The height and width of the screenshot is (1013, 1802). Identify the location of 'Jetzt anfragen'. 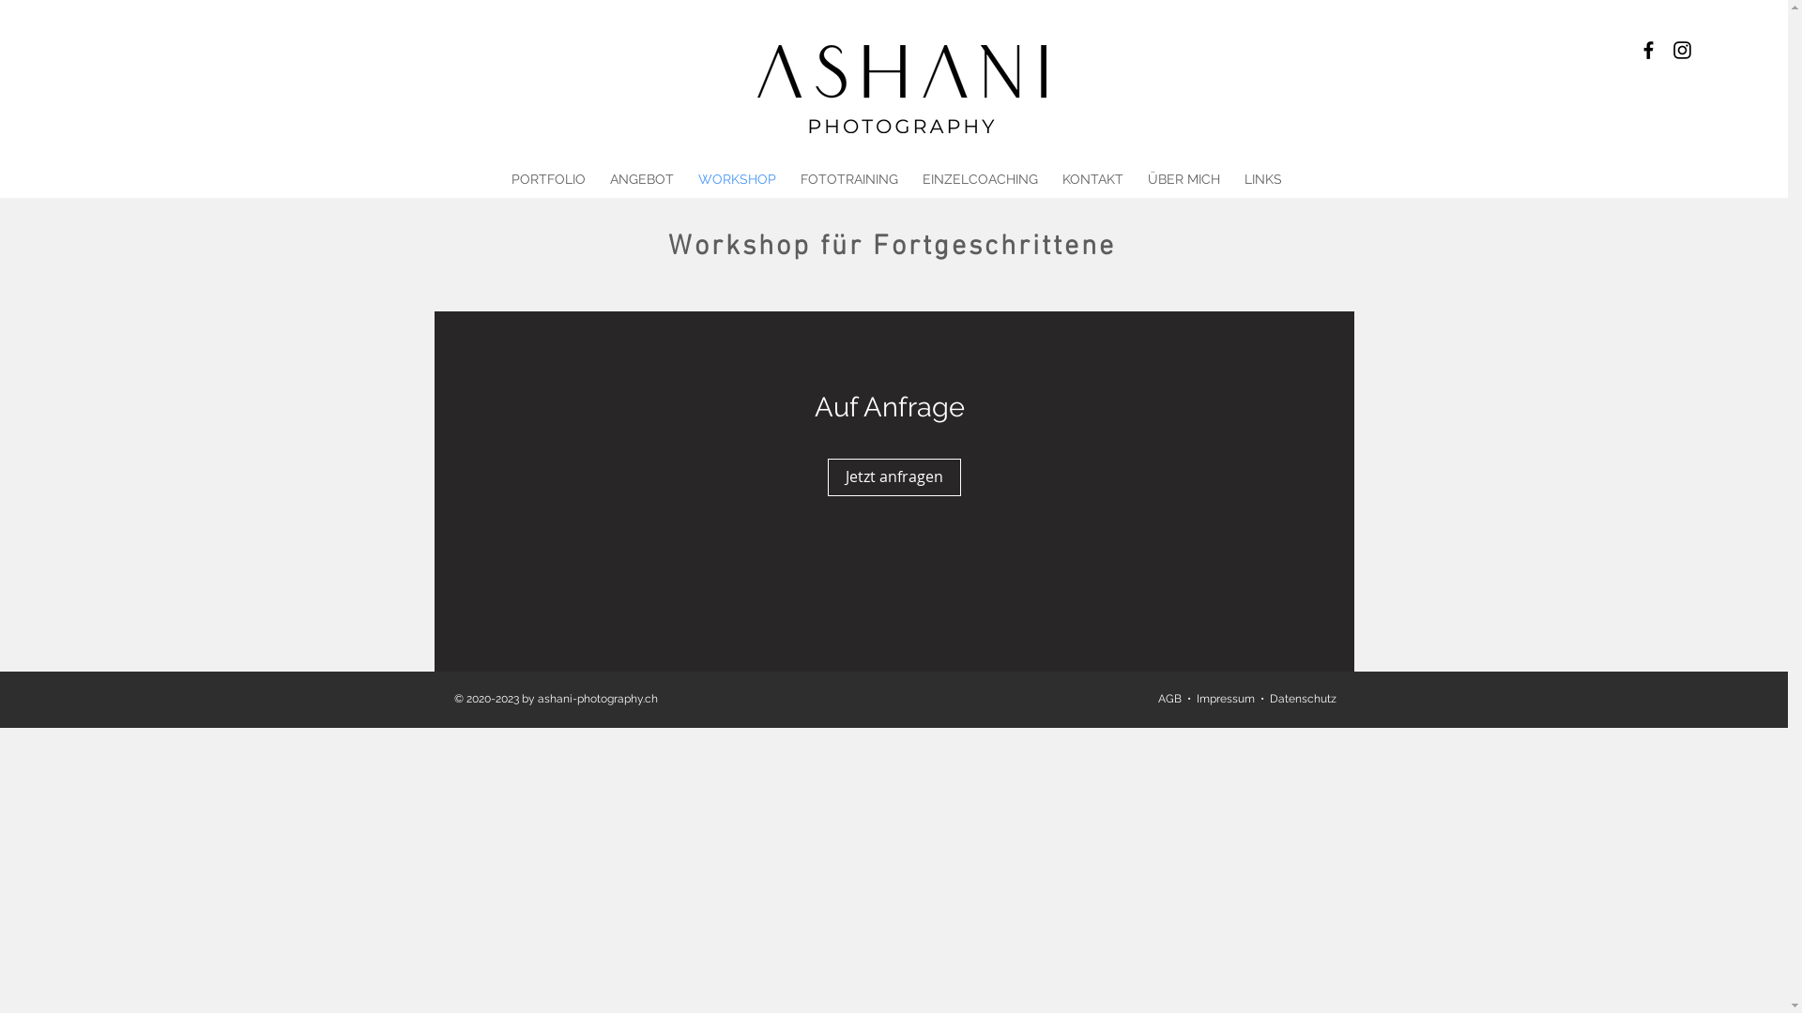
(893, 476).